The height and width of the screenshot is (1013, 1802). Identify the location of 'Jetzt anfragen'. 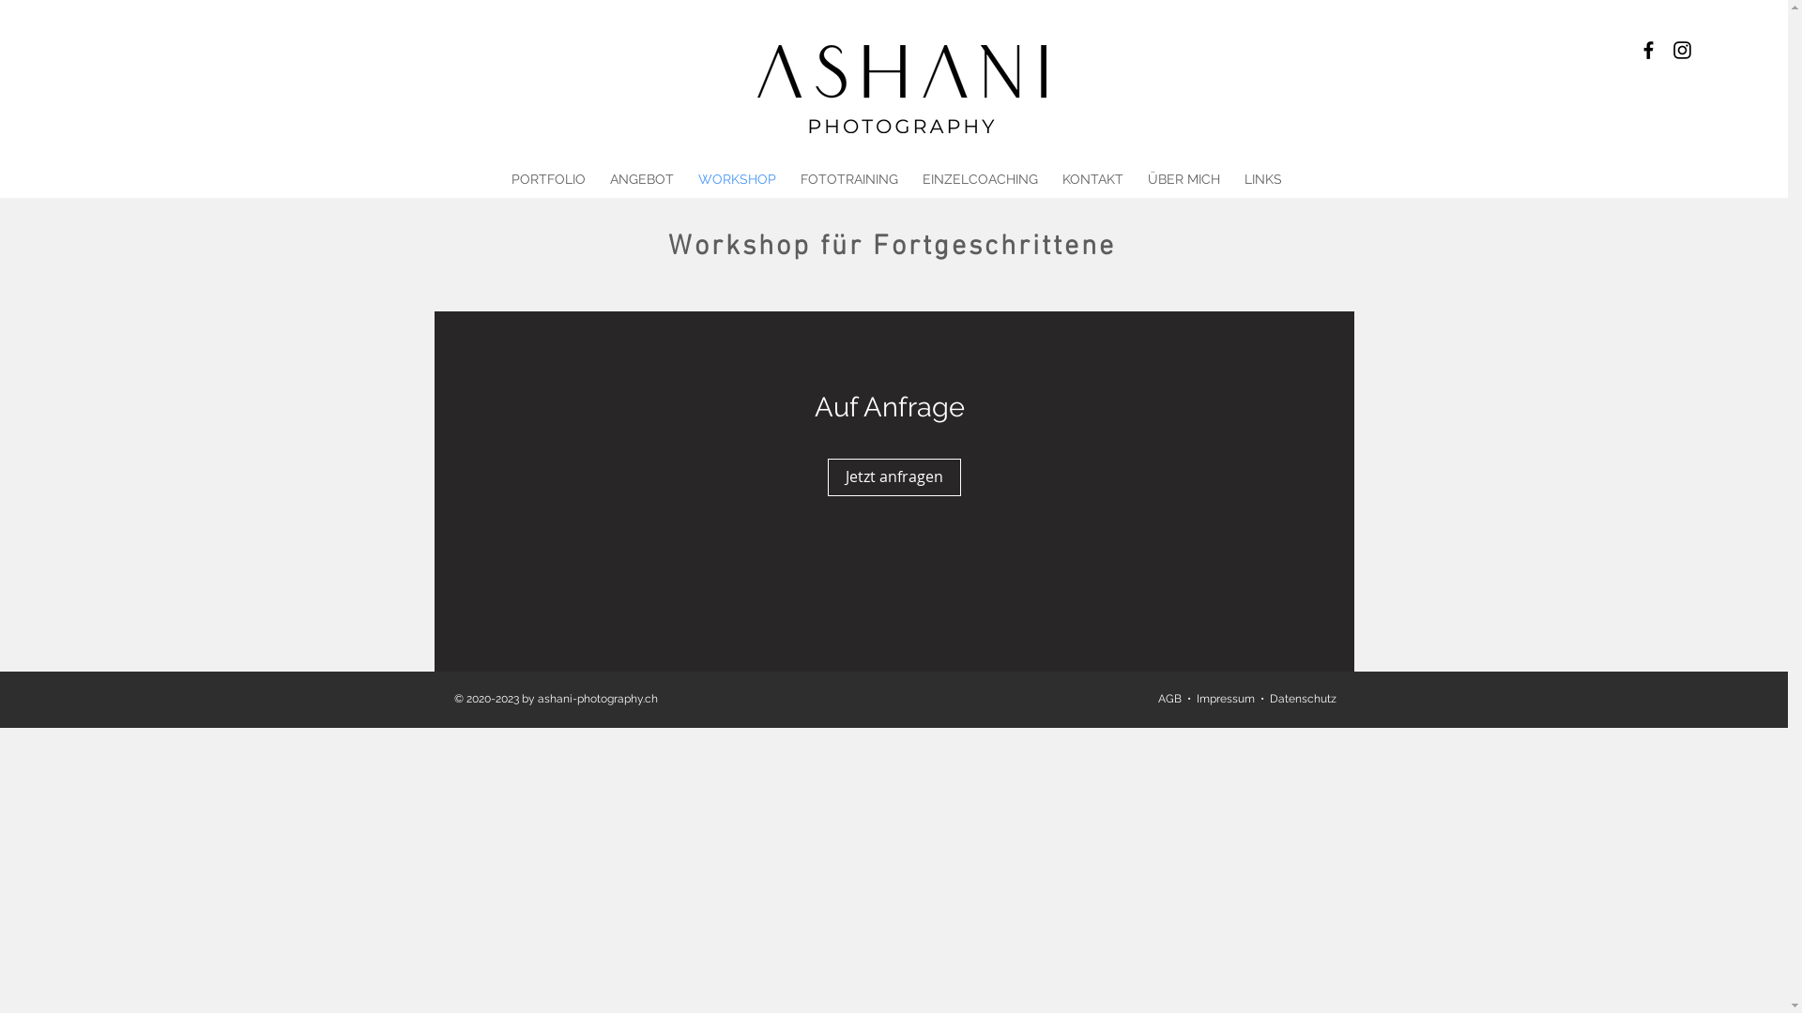
(893, 476).